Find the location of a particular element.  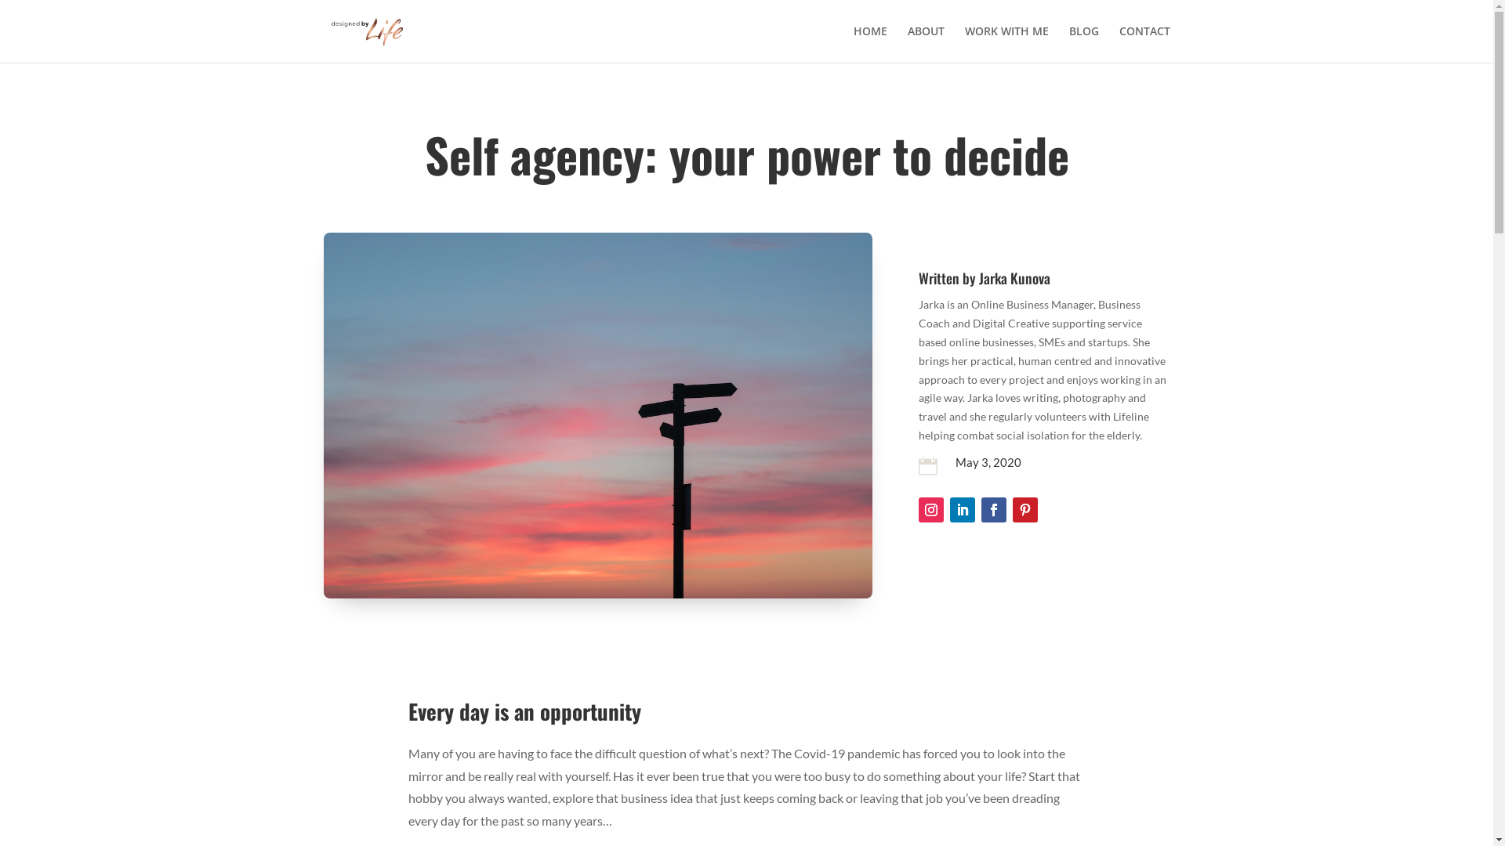

'WORK WITH ME' is located at coordinates (1006, 43).